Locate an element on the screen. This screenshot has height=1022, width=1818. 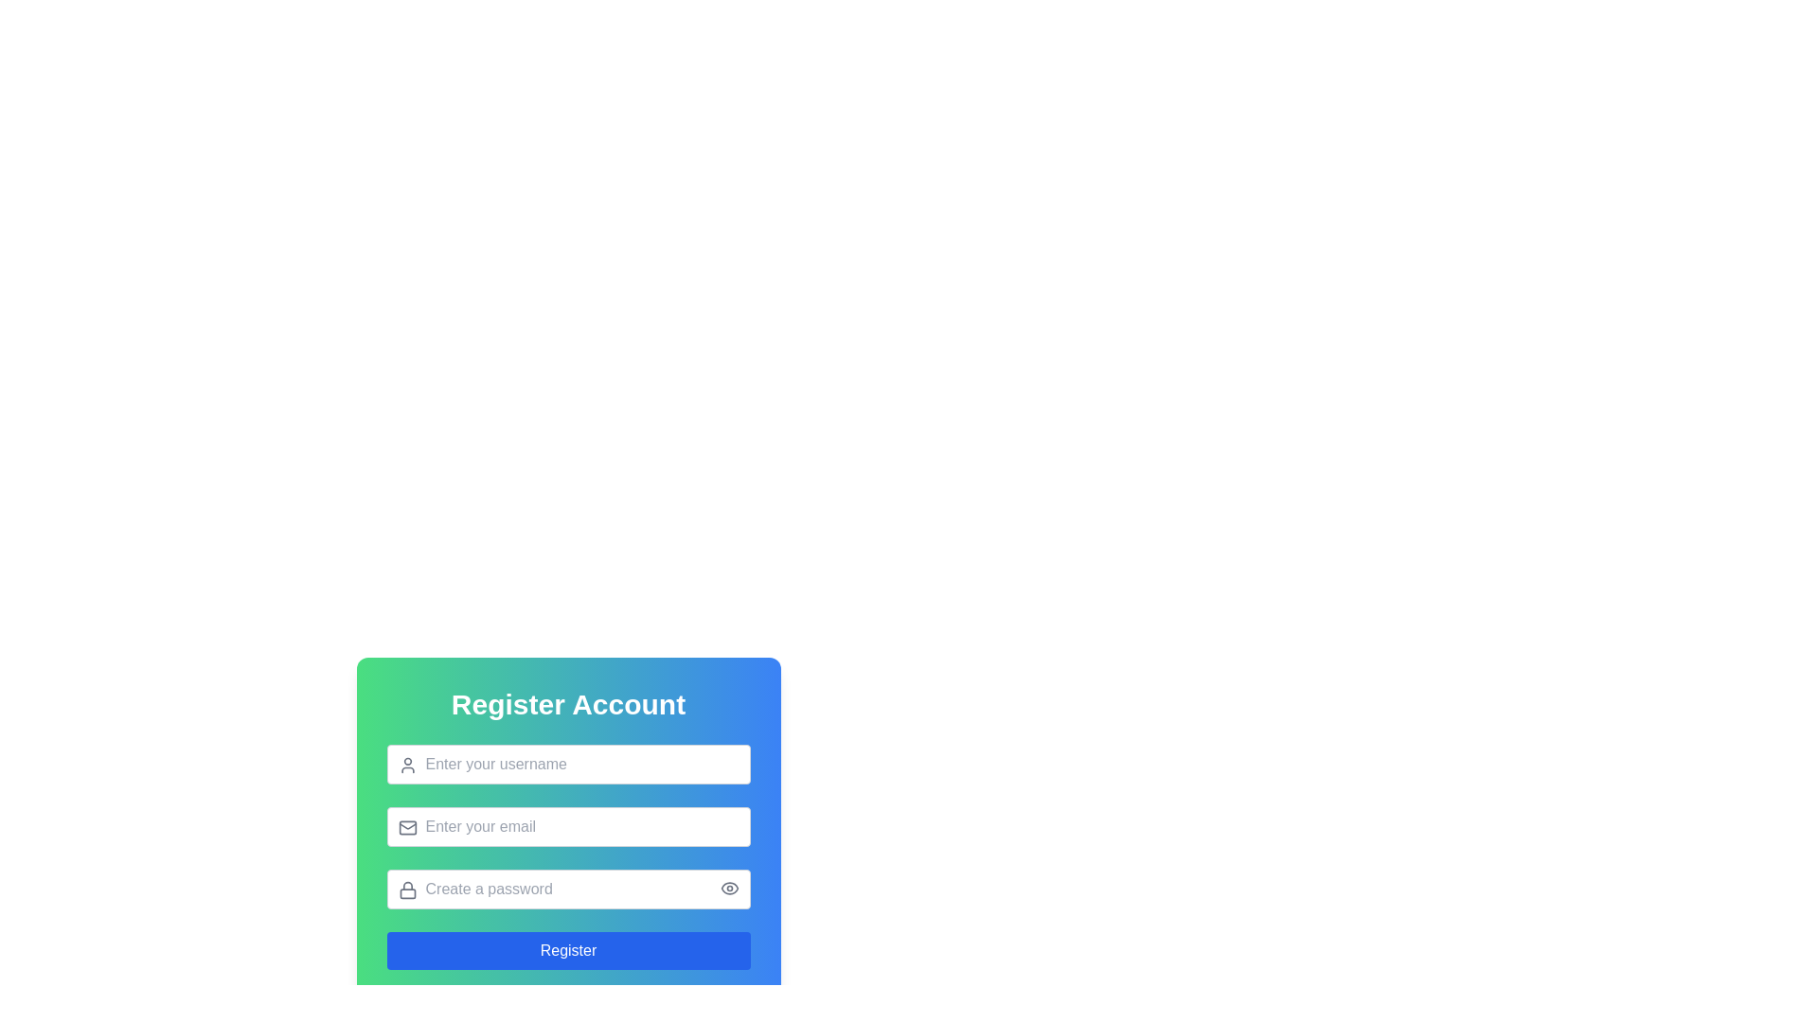
to focus on the email input field, which is the second input field in the registration form located below the username field and above the password field is located at coordinates (567, 809).